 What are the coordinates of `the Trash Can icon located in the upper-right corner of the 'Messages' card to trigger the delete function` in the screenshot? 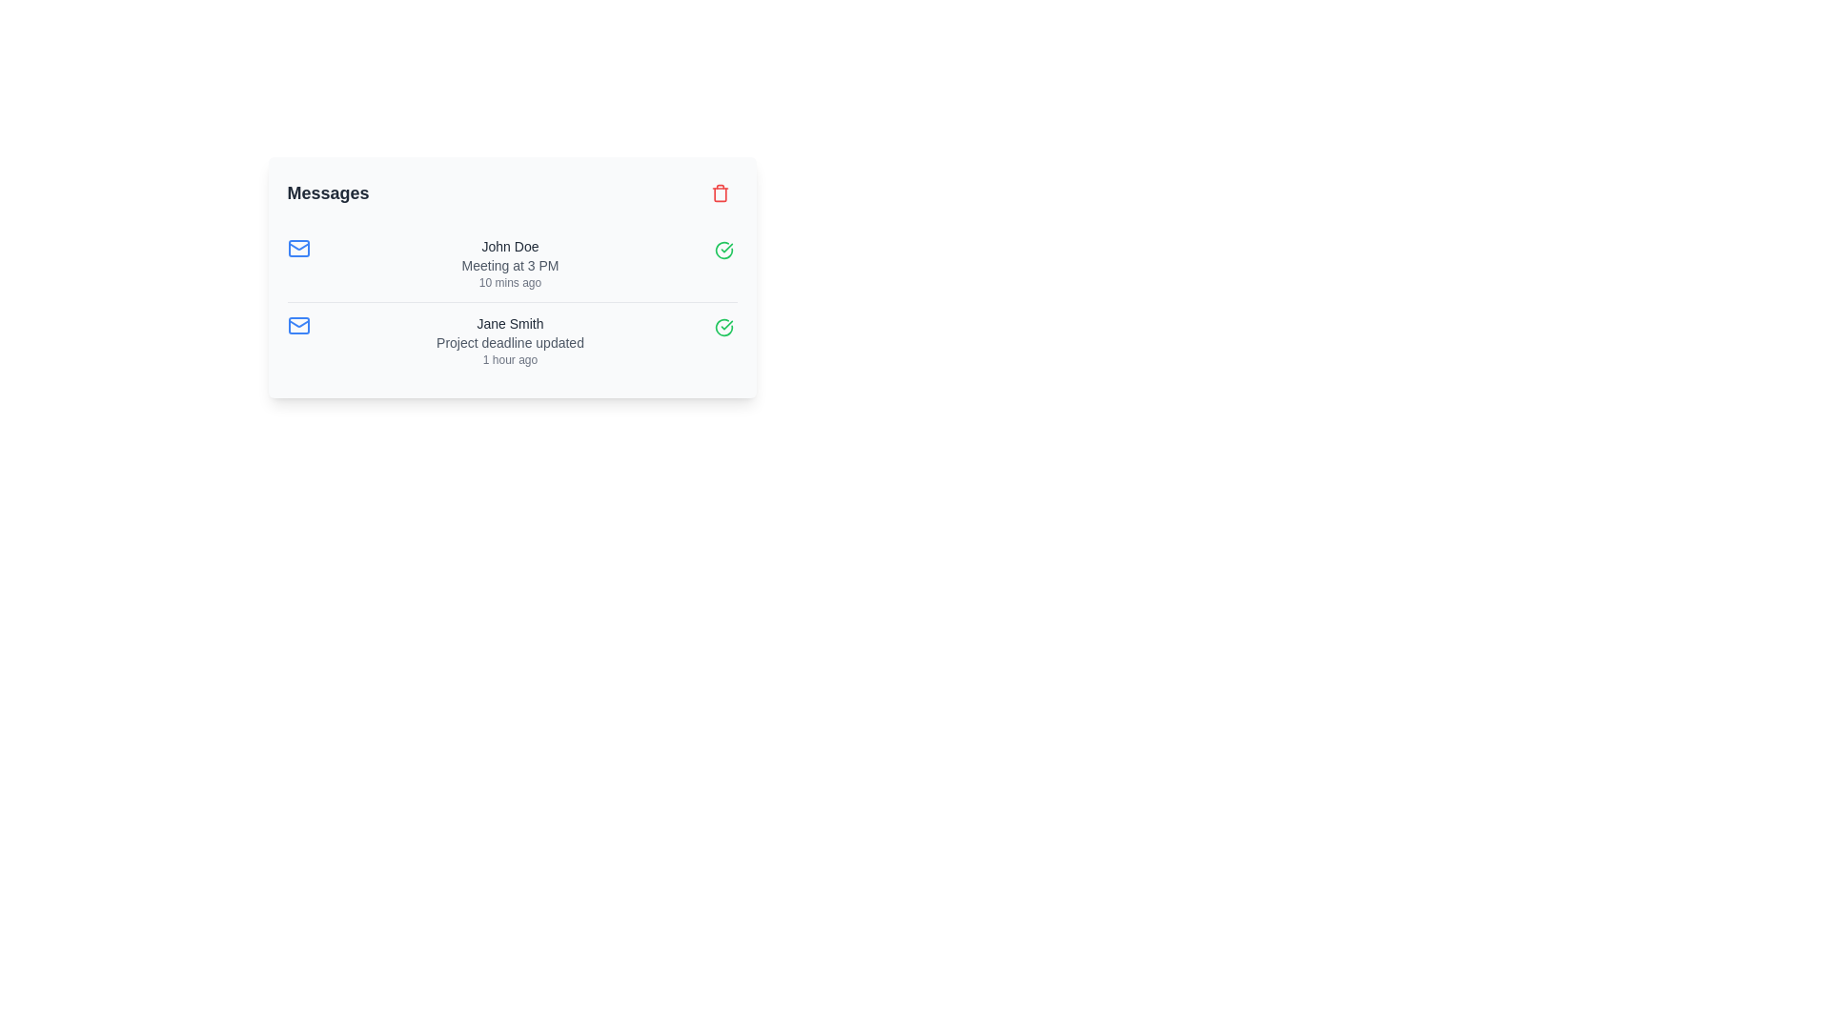 It's located at (719, 193).